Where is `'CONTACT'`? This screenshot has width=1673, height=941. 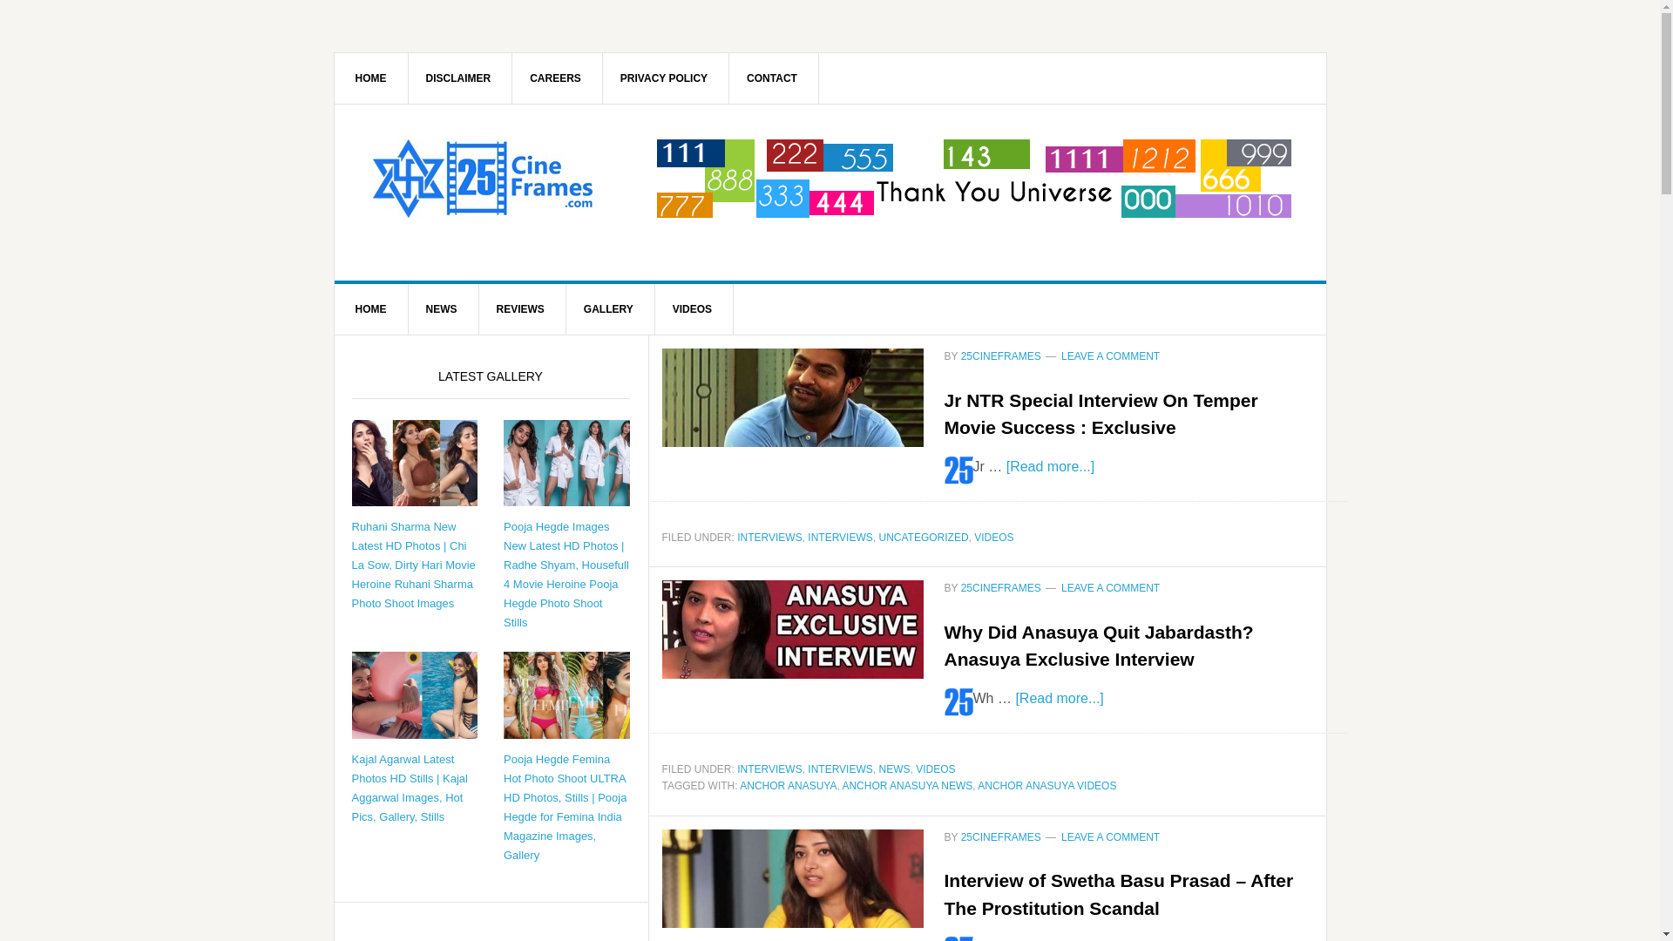 'CONTACT' is located at coordinates (771, 77).